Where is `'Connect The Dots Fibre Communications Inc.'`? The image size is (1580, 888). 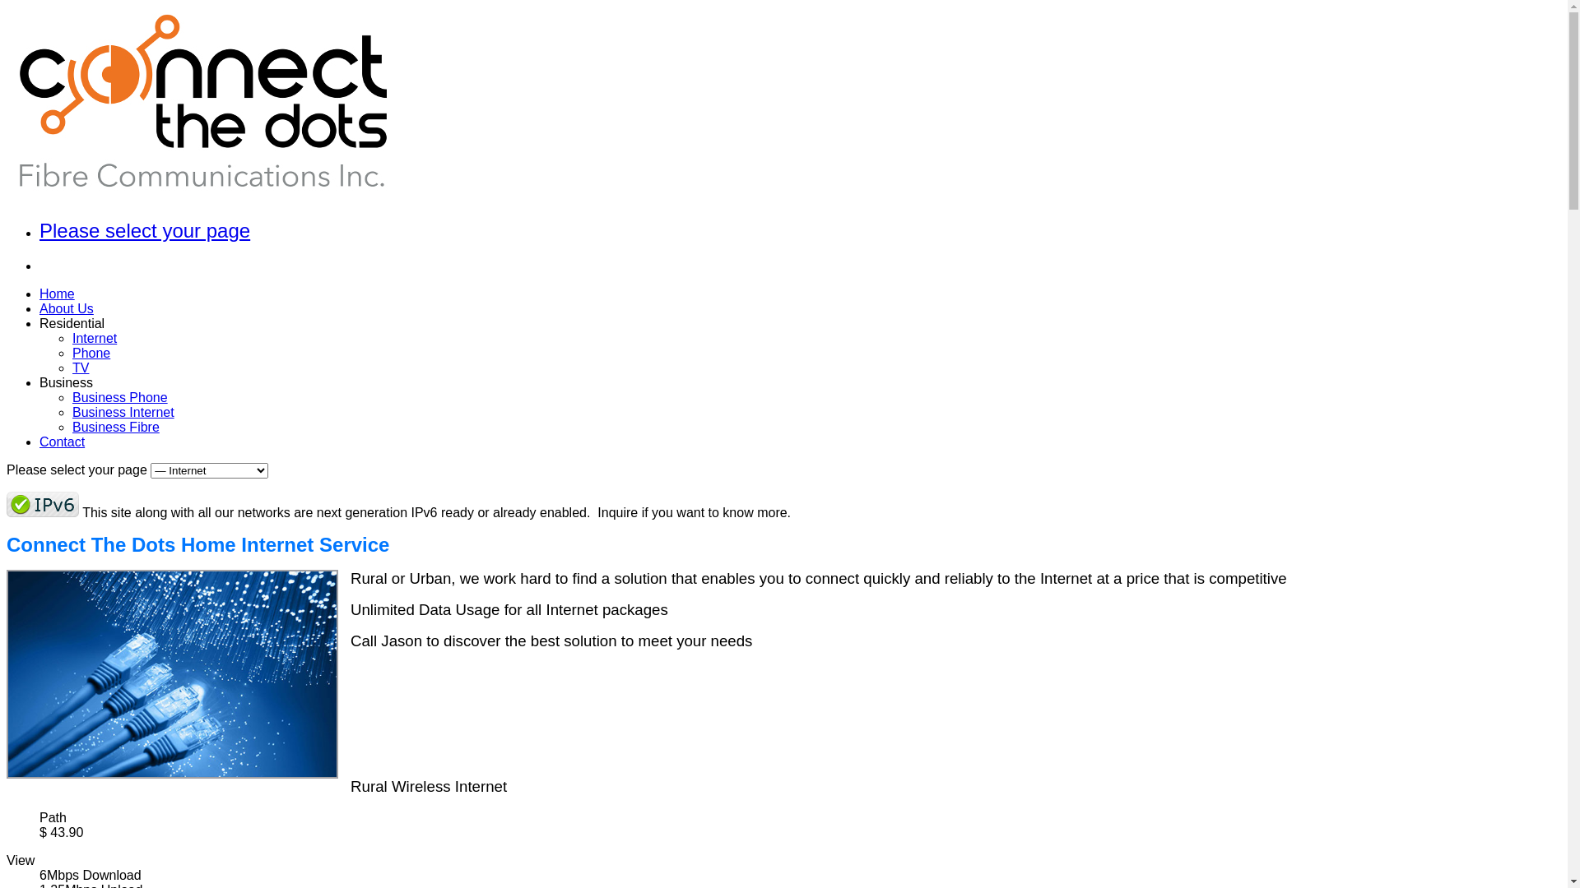 'Connect The Dots Fibre Communications Inc.' is located at coordinates (203, 194).